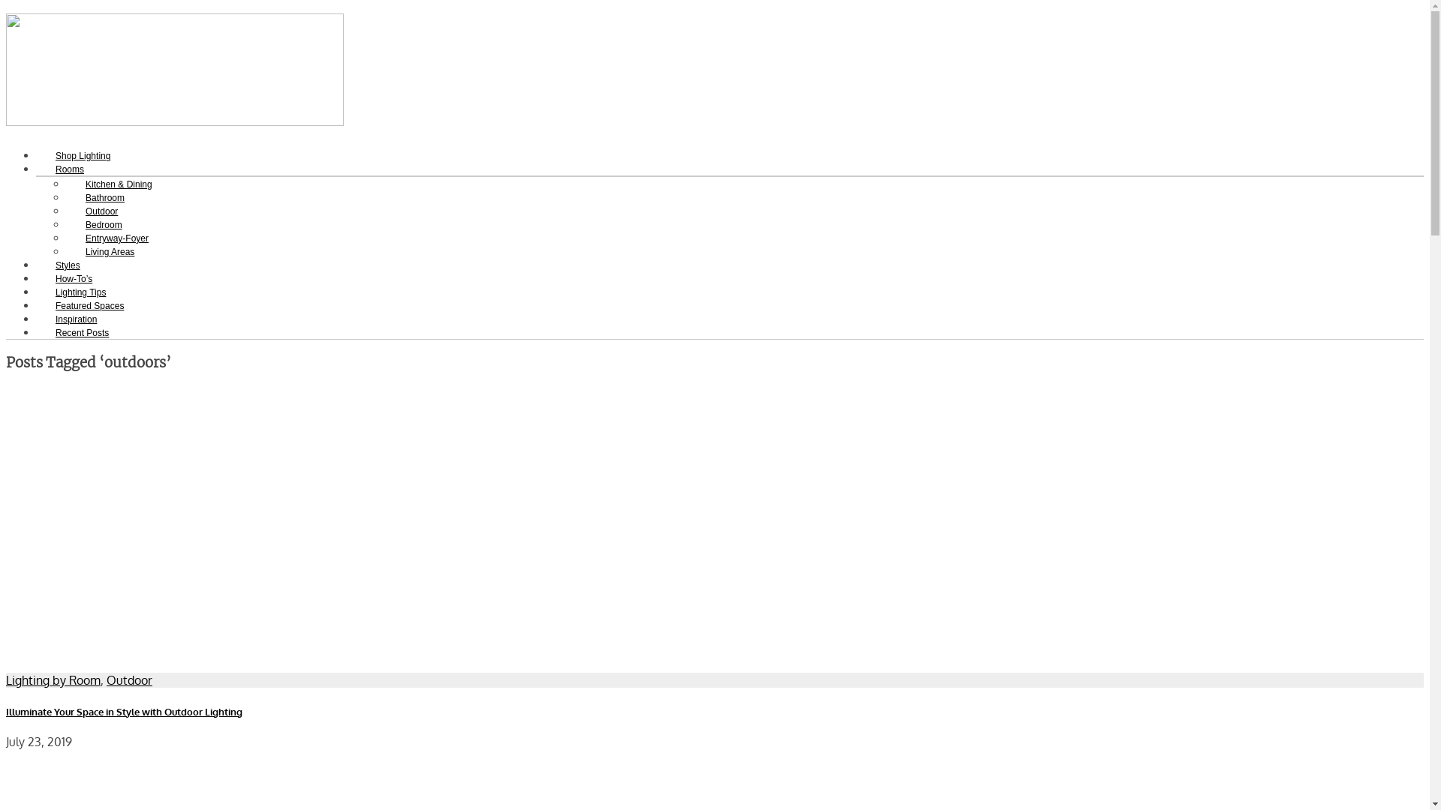 This screenshot has height=810, width=1441. I want to click on 'Outdoor', so click(101, 211).